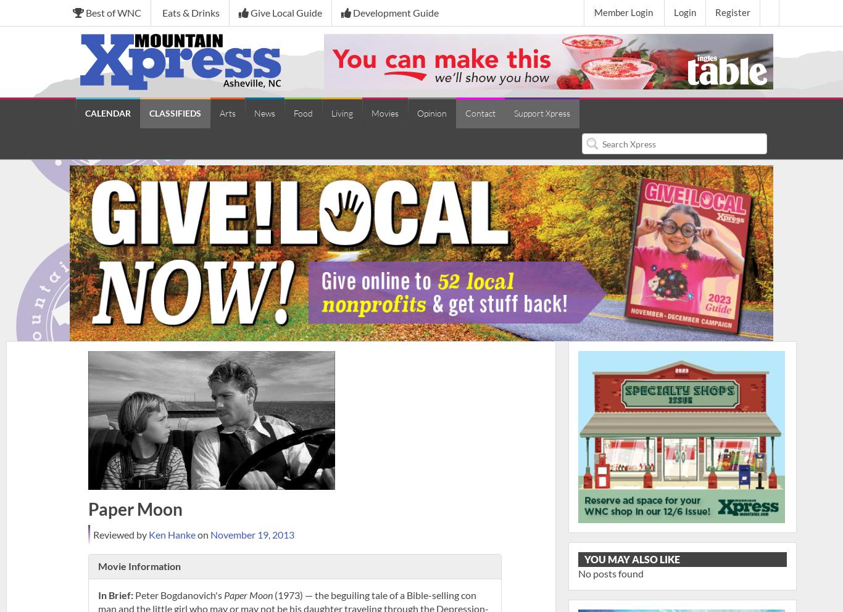 The image size is (843, 612). Describe the element at coordinates (190, 12) in the screenshot. I see `'Eats & Drinks'` at that location.